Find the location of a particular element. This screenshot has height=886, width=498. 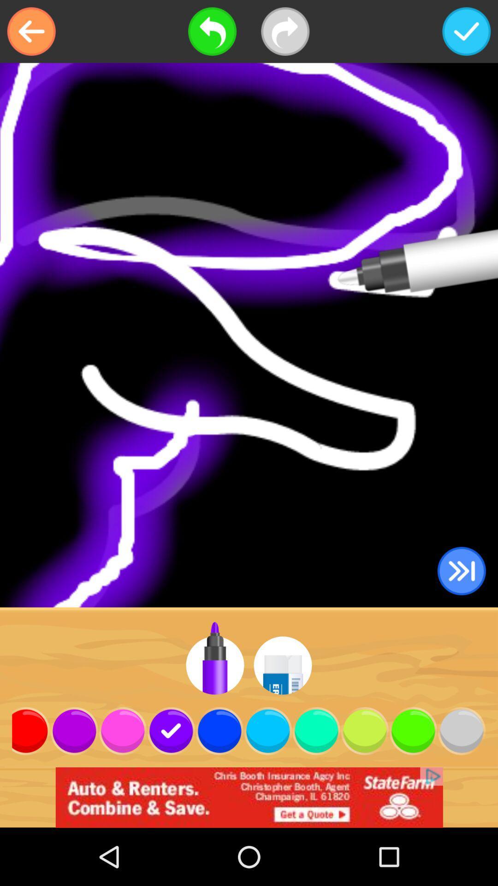

button to accept drawing is located at coordinates (466, 31).